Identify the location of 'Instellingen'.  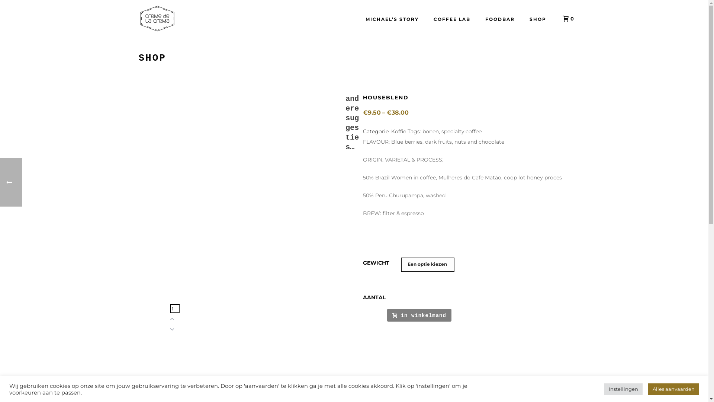
(604, 389).